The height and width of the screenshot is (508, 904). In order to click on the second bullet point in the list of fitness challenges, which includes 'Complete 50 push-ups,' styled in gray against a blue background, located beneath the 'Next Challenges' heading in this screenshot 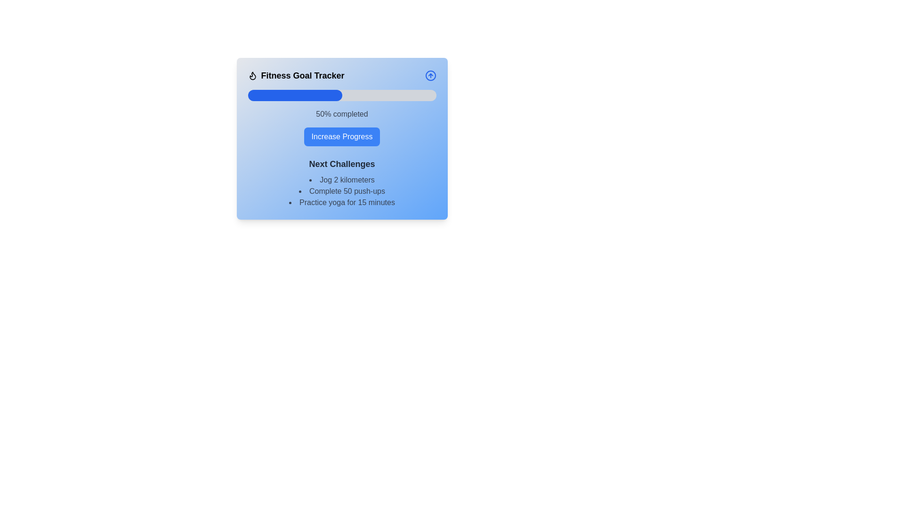, I will do `click(341, 191)`.